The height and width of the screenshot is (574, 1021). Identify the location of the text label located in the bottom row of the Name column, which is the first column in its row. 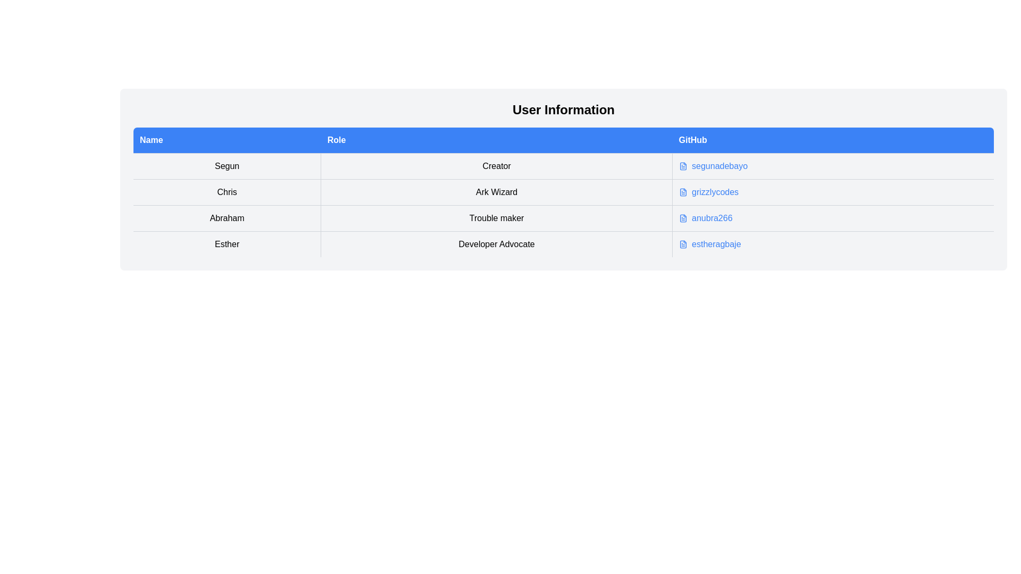
(227, 244).